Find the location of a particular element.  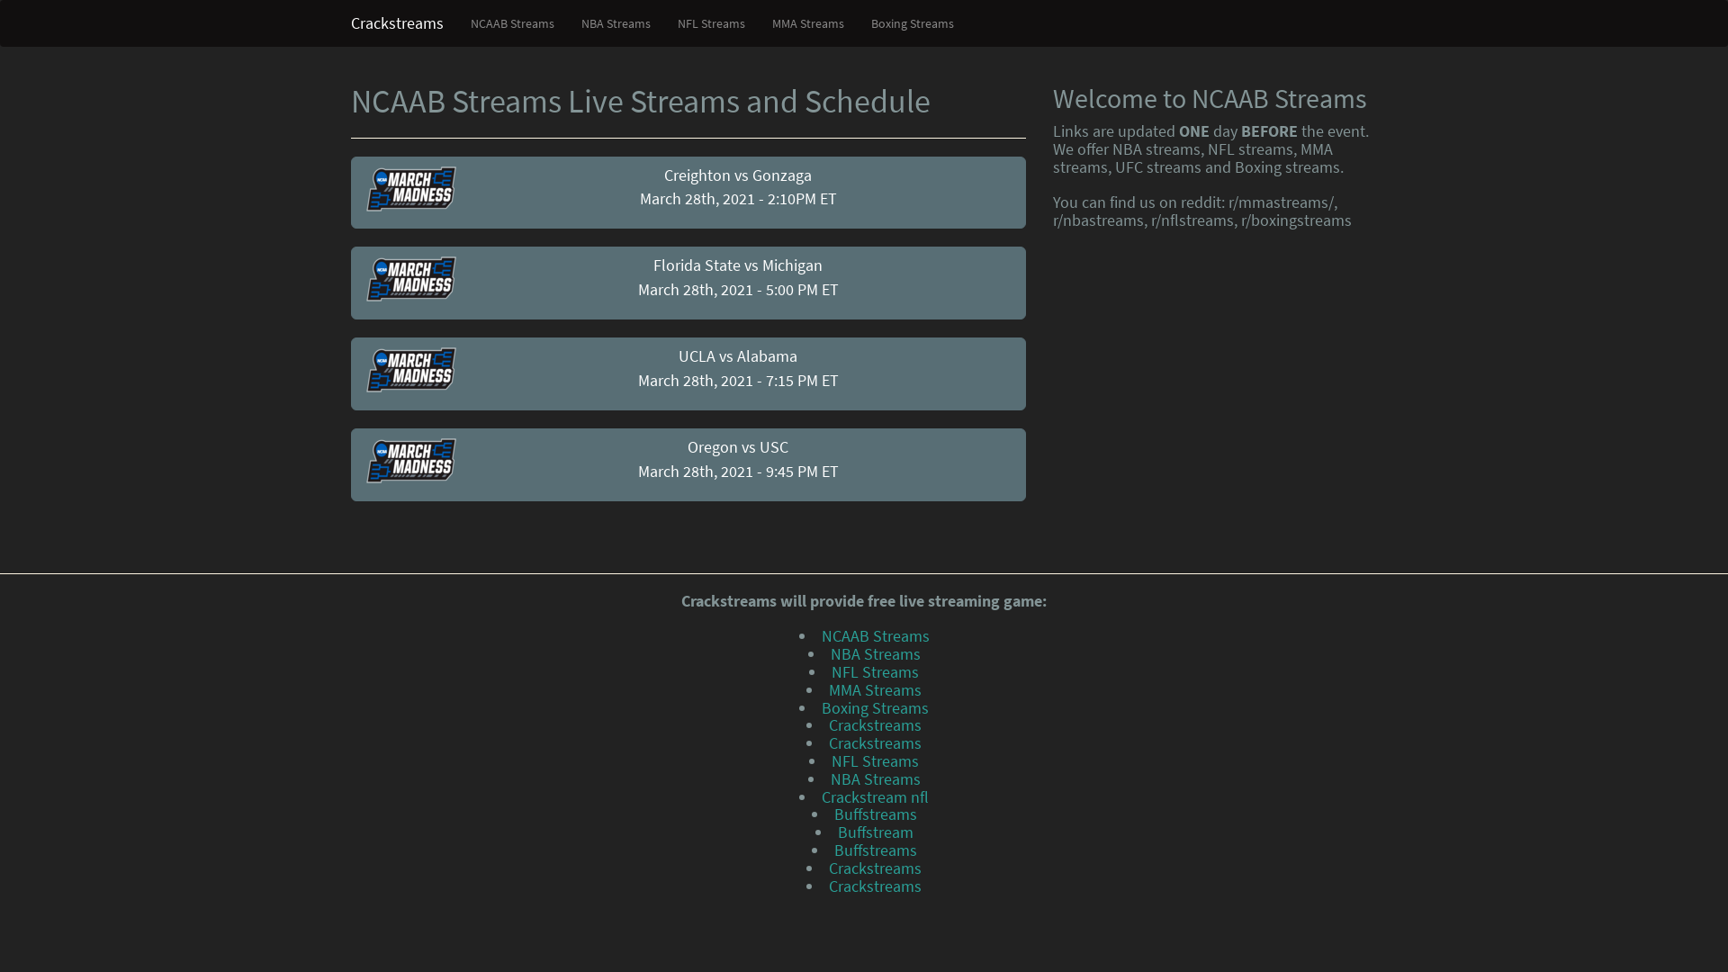

'NCAAB Streams' is located at coordinates (409, 278).